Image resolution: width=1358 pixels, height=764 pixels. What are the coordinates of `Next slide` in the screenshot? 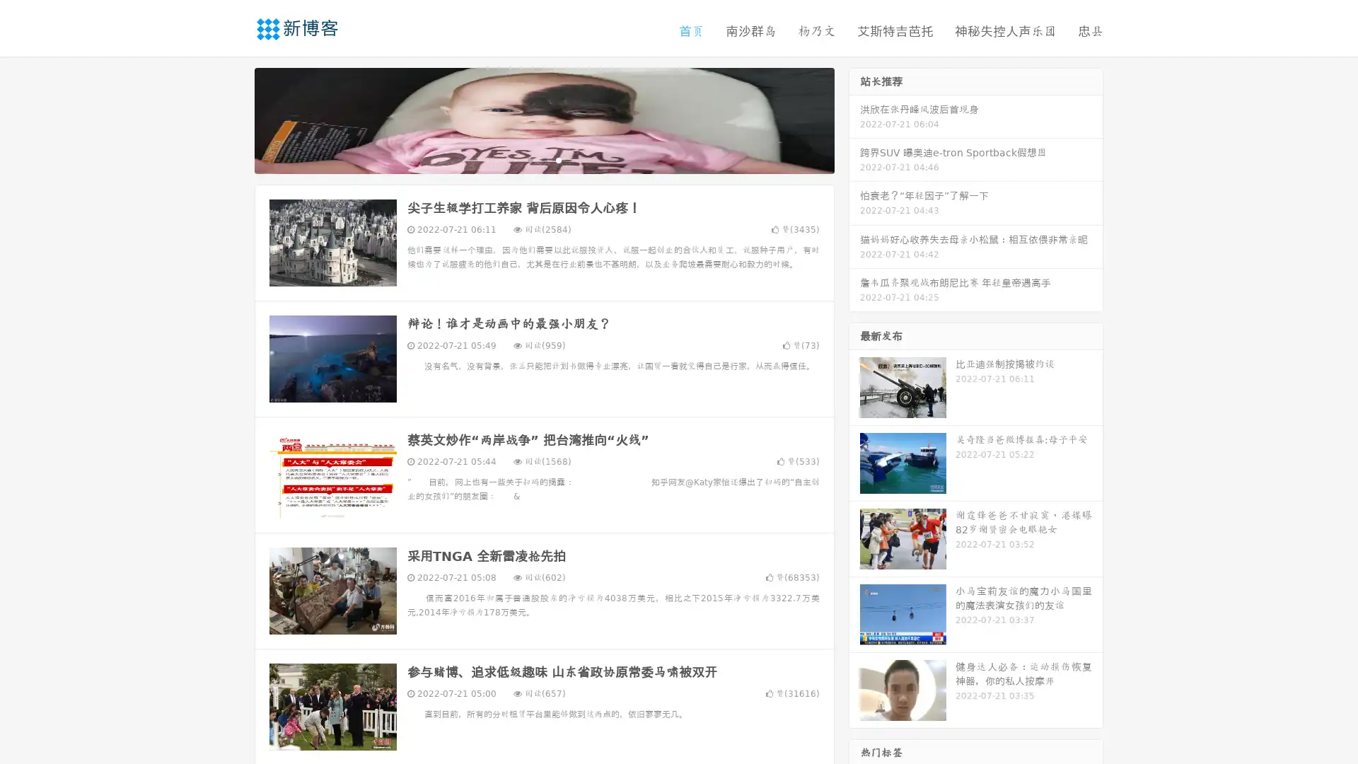 It's located at (854, 119).